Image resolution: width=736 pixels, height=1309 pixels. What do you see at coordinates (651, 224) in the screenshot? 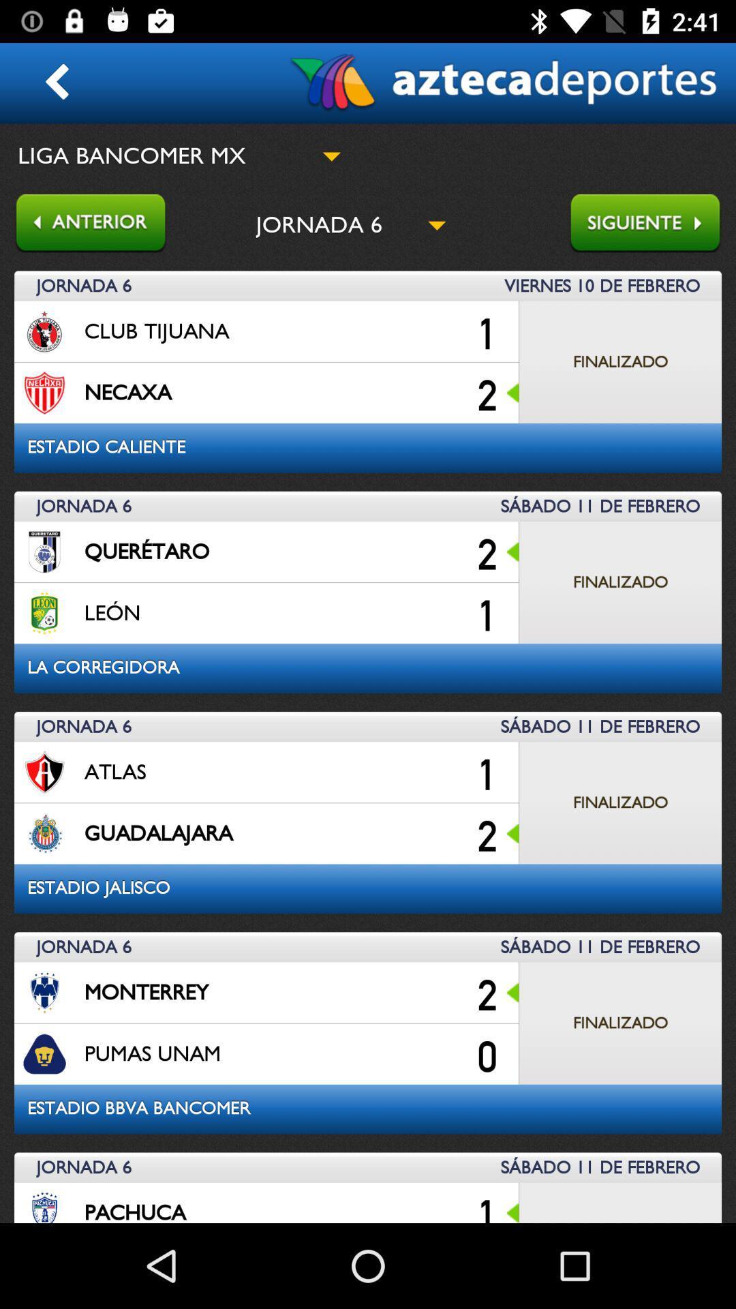
I see `go next` at bounding box center [651, 224].